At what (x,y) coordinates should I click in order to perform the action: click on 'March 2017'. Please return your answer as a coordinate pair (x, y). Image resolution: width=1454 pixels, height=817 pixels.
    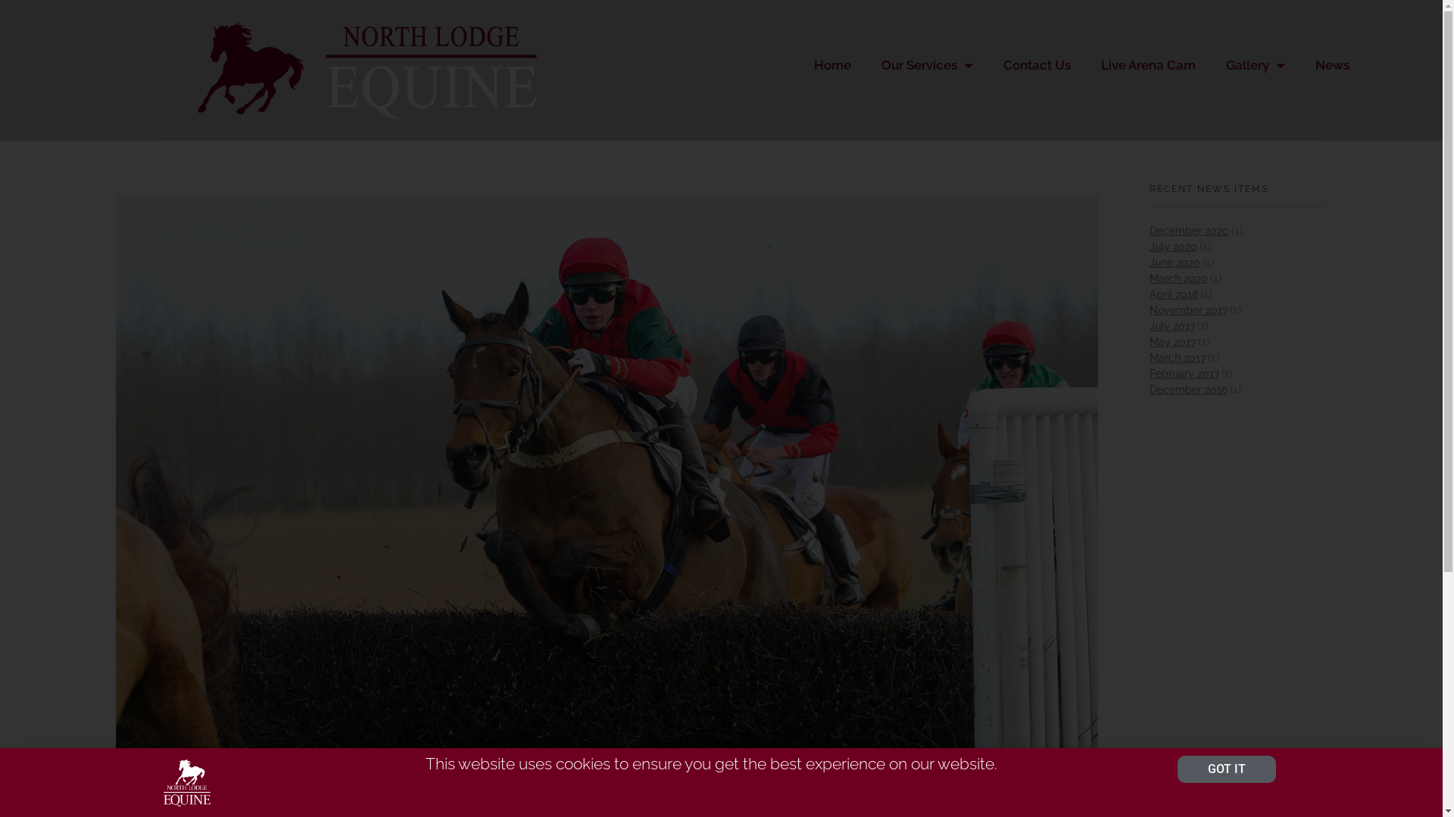
    Looking at the image, I should click on (1177, 358).